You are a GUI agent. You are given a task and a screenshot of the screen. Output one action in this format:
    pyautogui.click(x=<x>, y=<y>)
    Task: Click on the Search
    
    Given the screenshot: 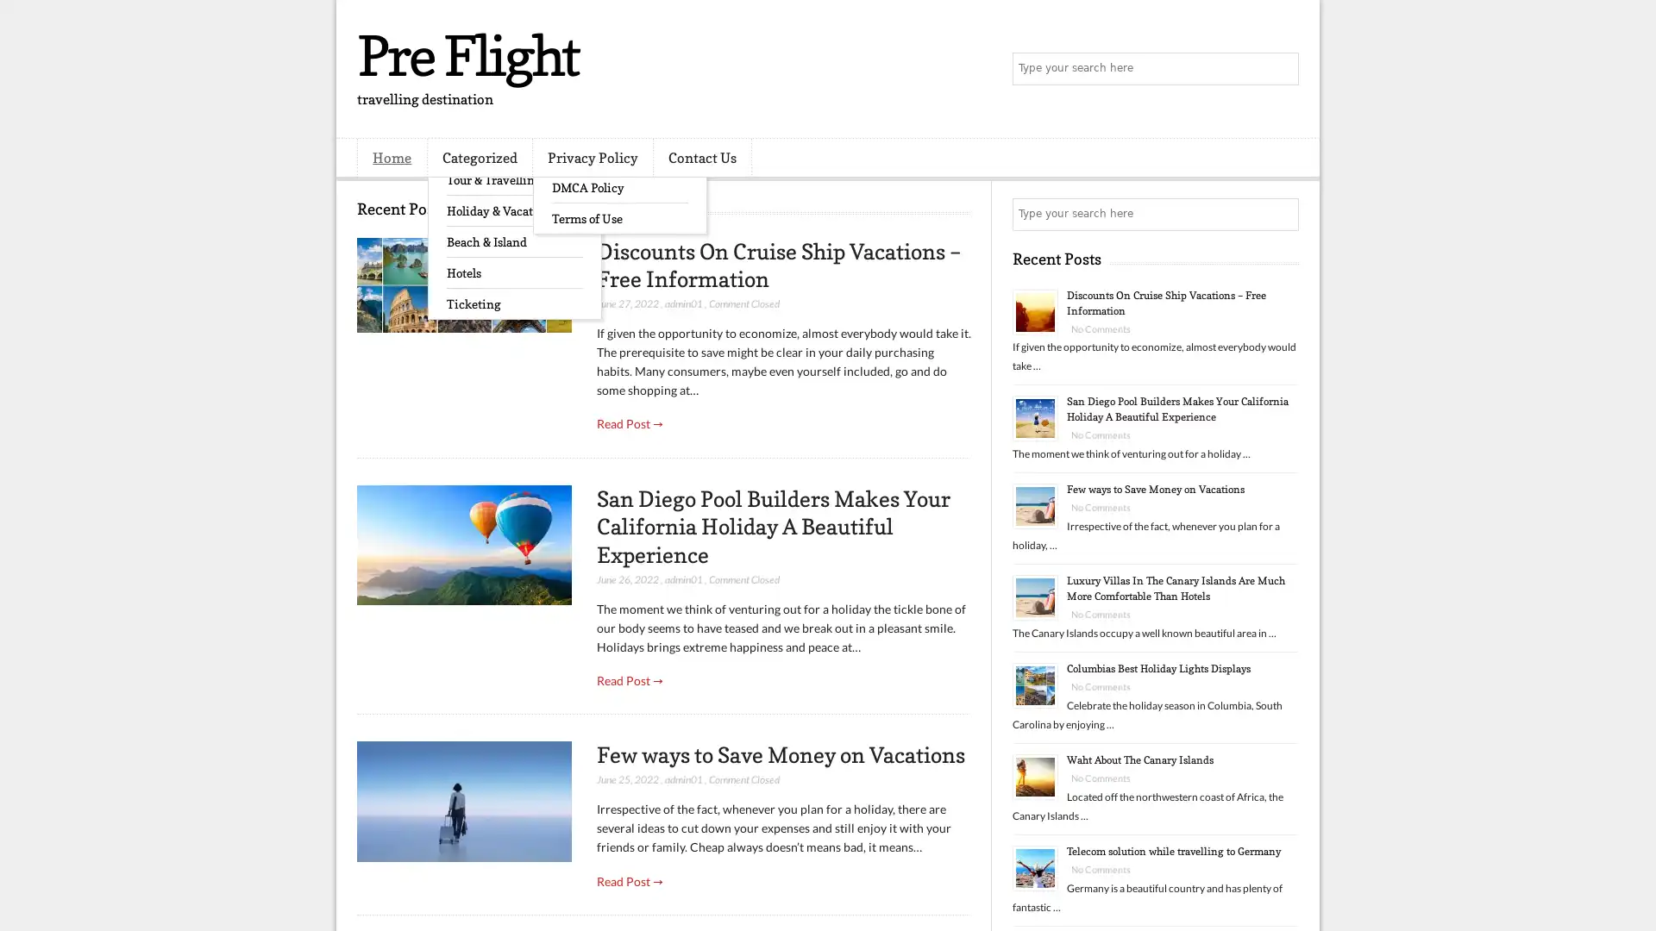 What is the action you would take?
    pyautogui.click(x=1281, y=69)
    